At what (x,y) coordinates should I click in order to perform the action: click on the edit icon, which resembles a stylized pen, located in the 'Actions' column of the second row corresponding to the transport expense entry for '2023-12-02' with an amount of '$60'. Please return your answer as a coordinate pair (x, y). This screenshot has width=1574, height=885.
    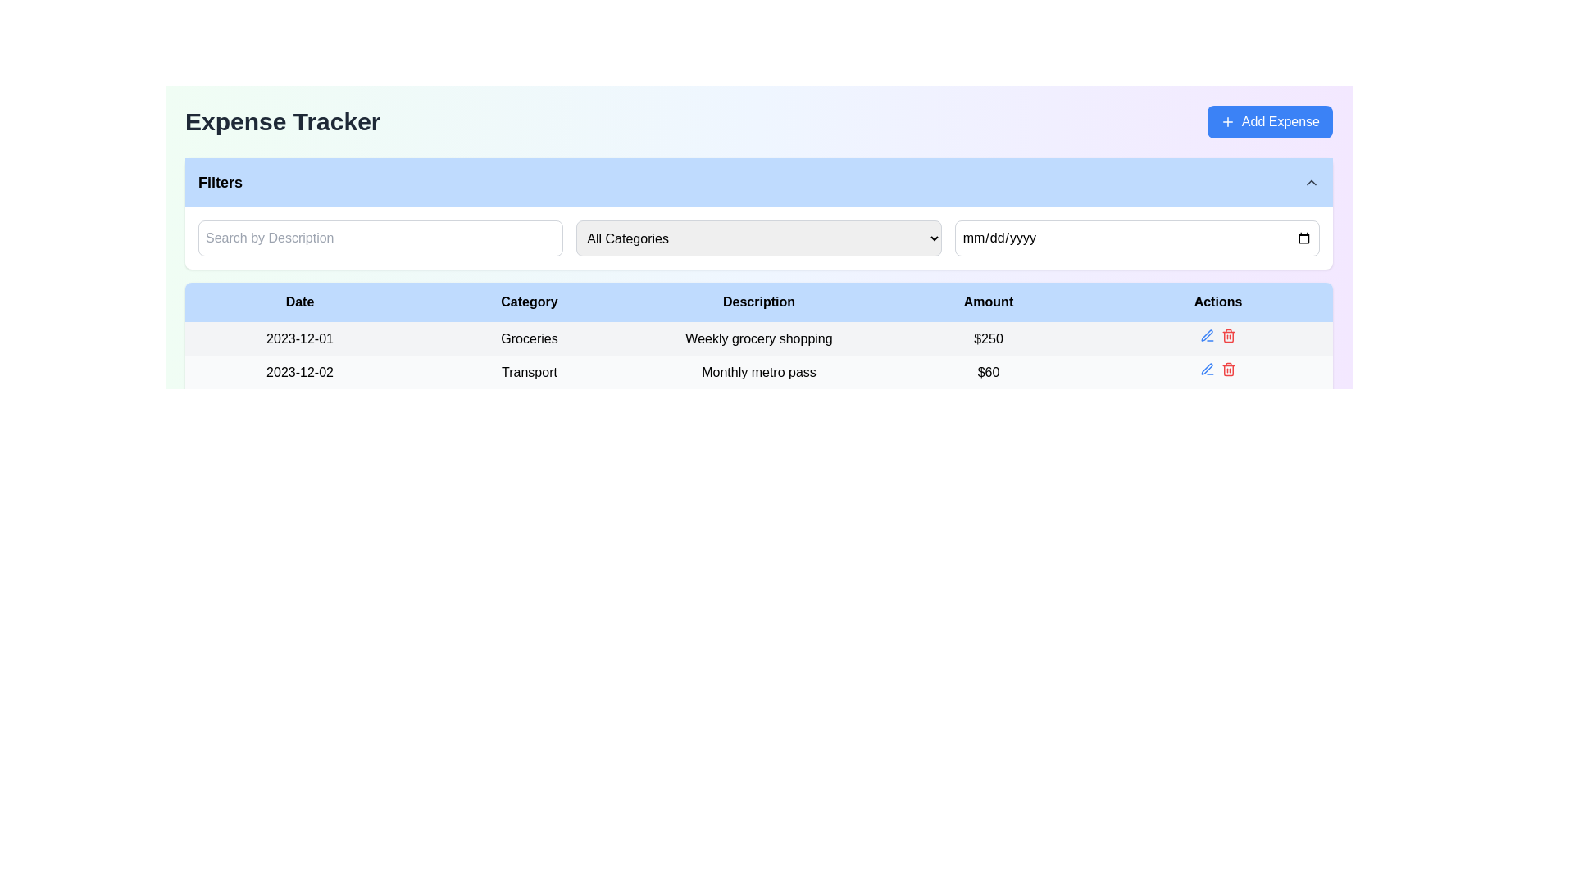
    Looking at the image, I should click on (1207, 369).